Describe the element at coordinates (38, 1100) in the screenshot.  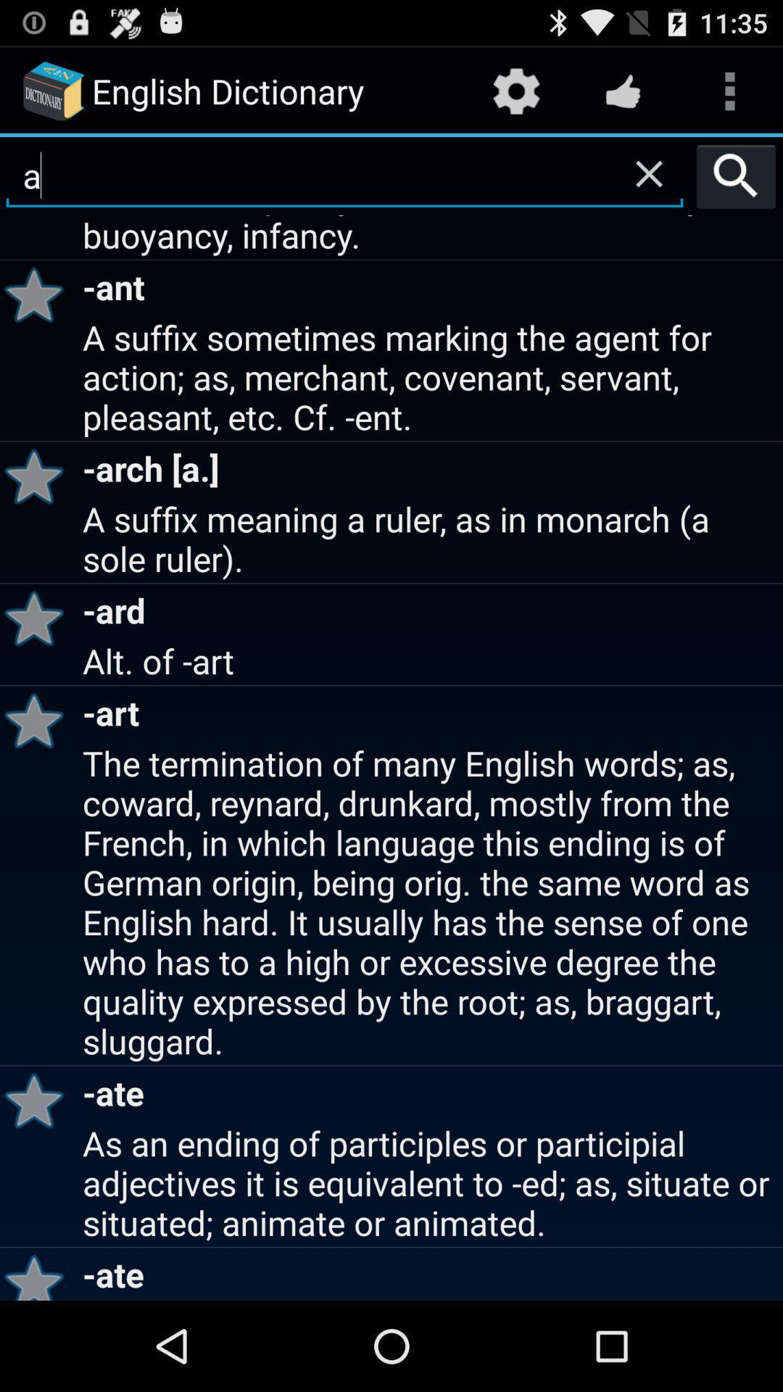
I see `app to the left of the termination of icon` at that location.